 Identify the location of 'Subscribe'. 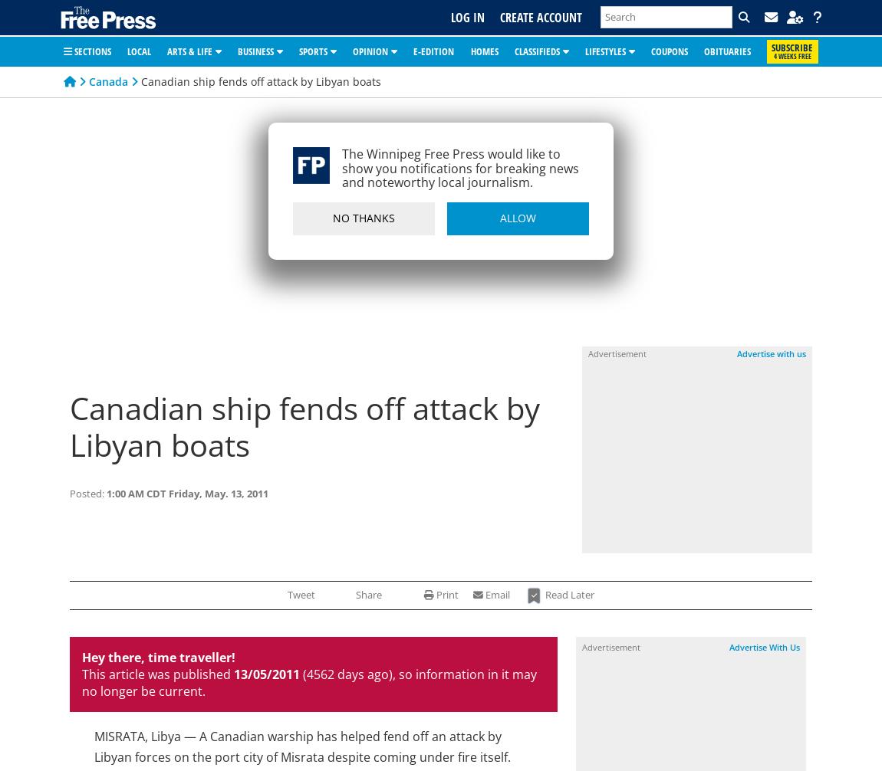
(792, 47).